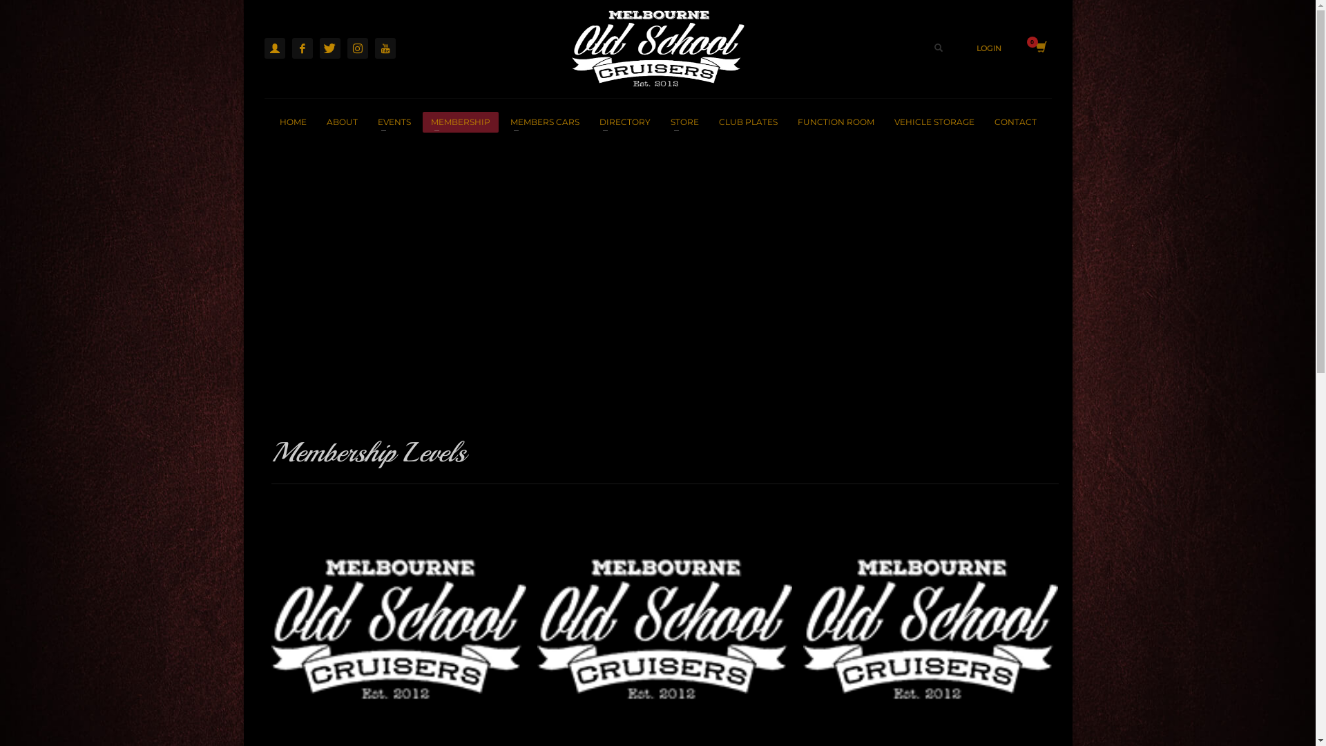  What do you see at coordinates (461, 121) in the screenshot?
I see `'MEMBERSHIP'` at bounding box center [461, 121].